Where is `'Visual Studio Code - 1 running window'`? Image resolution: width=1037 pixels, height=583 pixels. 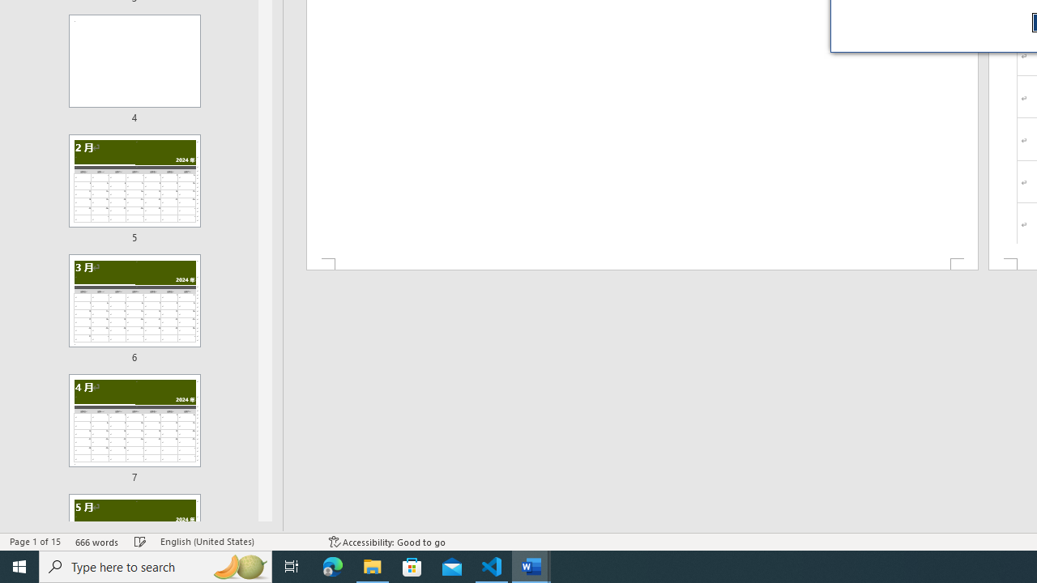 'Visual Studio Code - 1 running window' is located at coordinates (491, 565).